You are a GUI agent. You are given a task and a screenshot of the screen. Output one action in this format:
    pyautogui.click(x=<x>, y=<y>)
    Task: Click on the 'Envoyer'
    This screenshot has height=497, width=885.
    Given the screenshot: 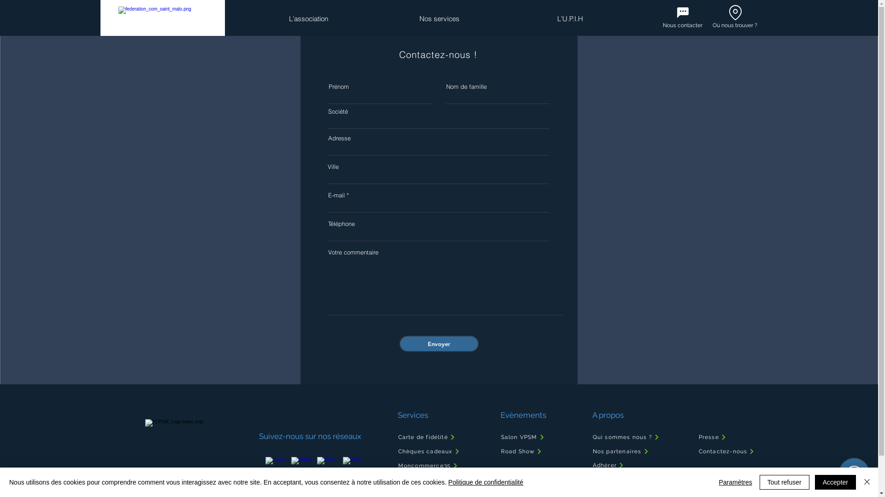 What is the action you would take?
    pyautogui.click(x=438, y=344)
    